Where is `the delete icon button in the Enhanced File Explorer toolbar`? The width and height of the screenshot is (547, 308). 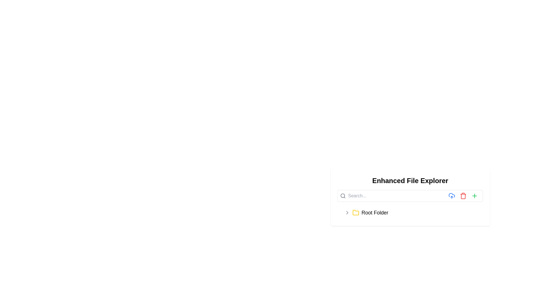 the delete icon button in the Enhanced File Explorer toolbar is located at coordinates (463, 195).